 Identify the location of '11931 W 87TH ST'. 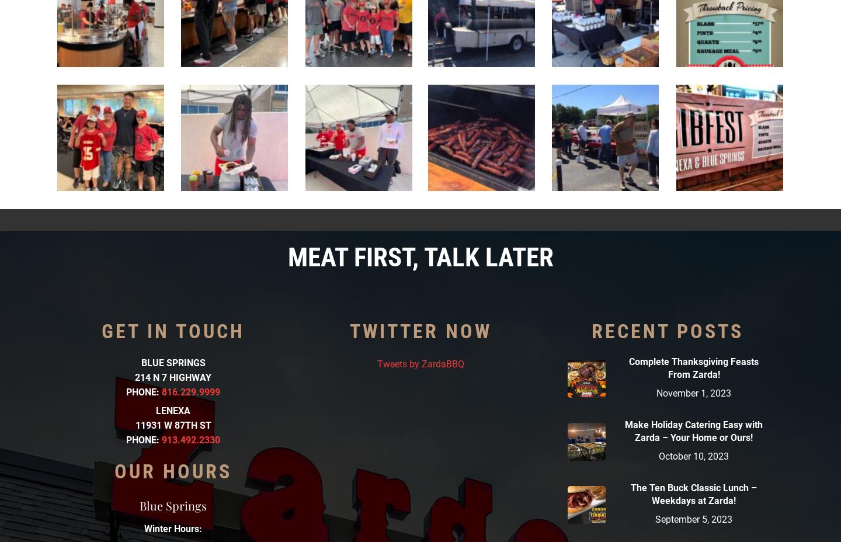
(172, 424).